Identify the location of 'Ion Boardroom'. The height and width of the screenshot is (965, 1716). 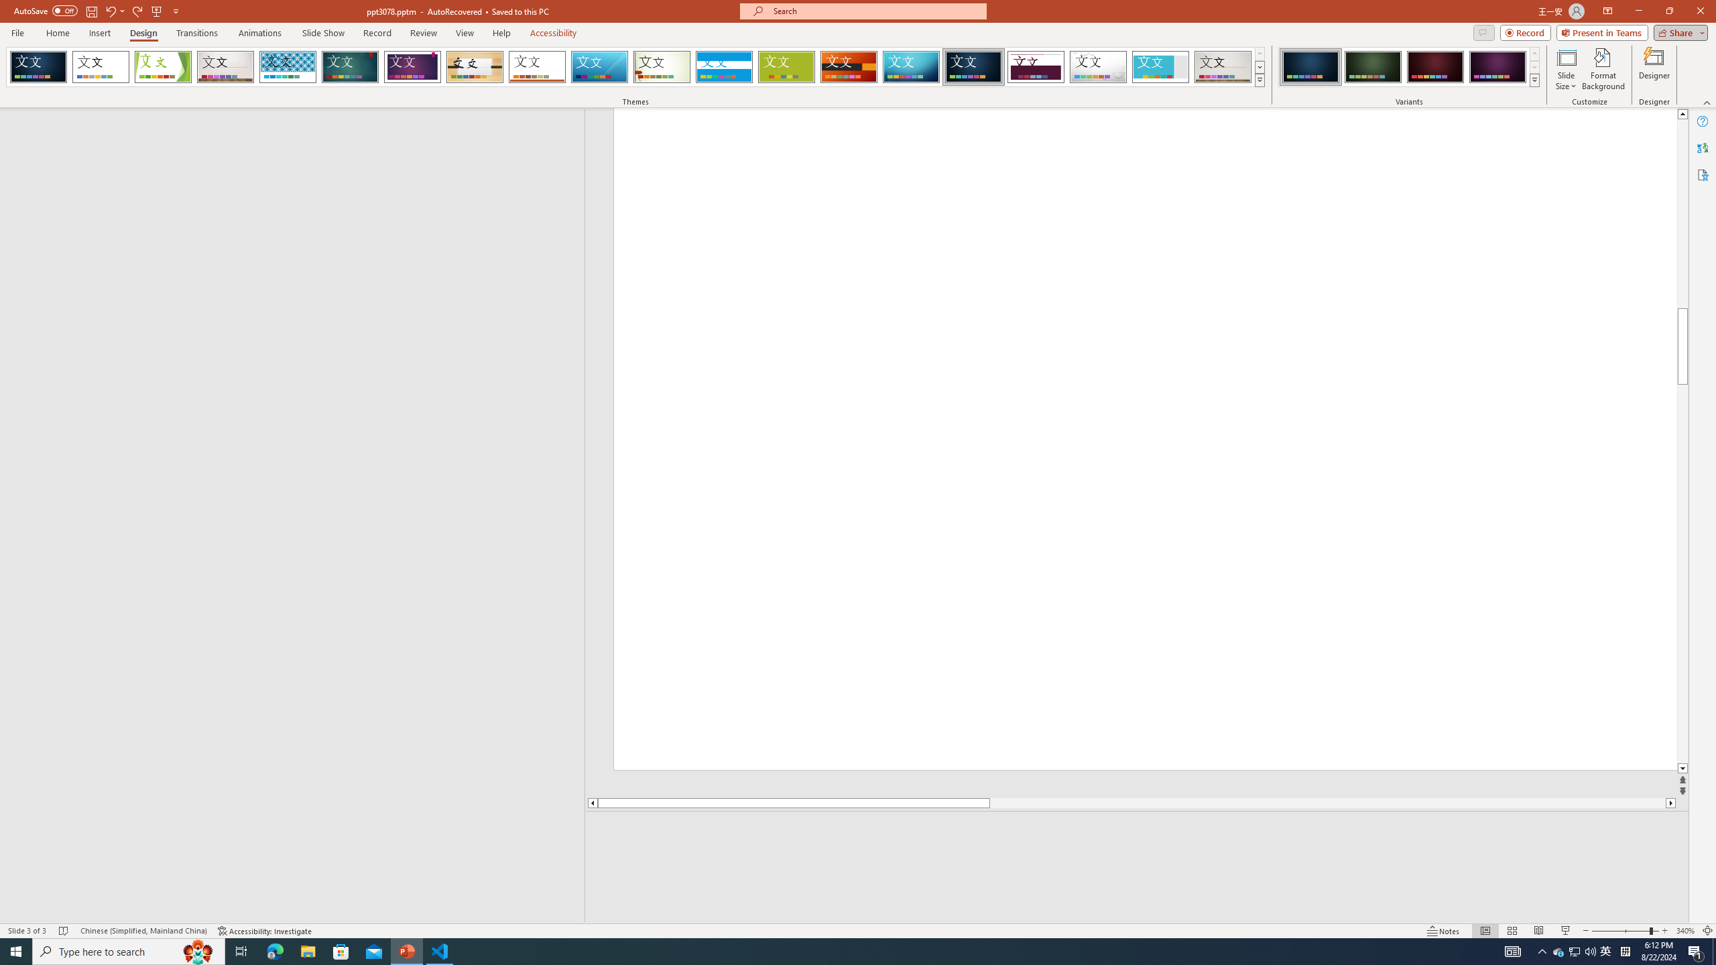
(412, 66).